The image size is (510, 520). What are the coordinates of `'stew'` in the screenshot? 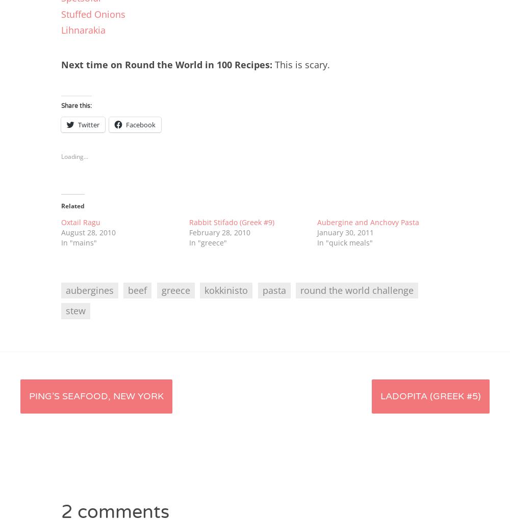 It's located at (75, 311).